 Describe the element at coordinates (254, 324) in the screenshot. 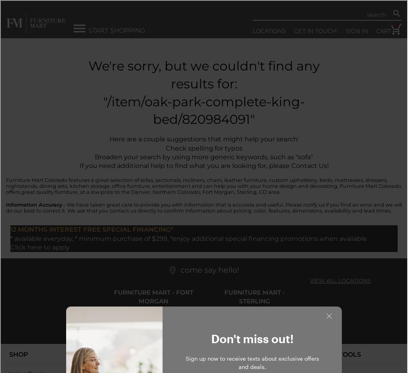

I see `'970.522.2406'` at that location.